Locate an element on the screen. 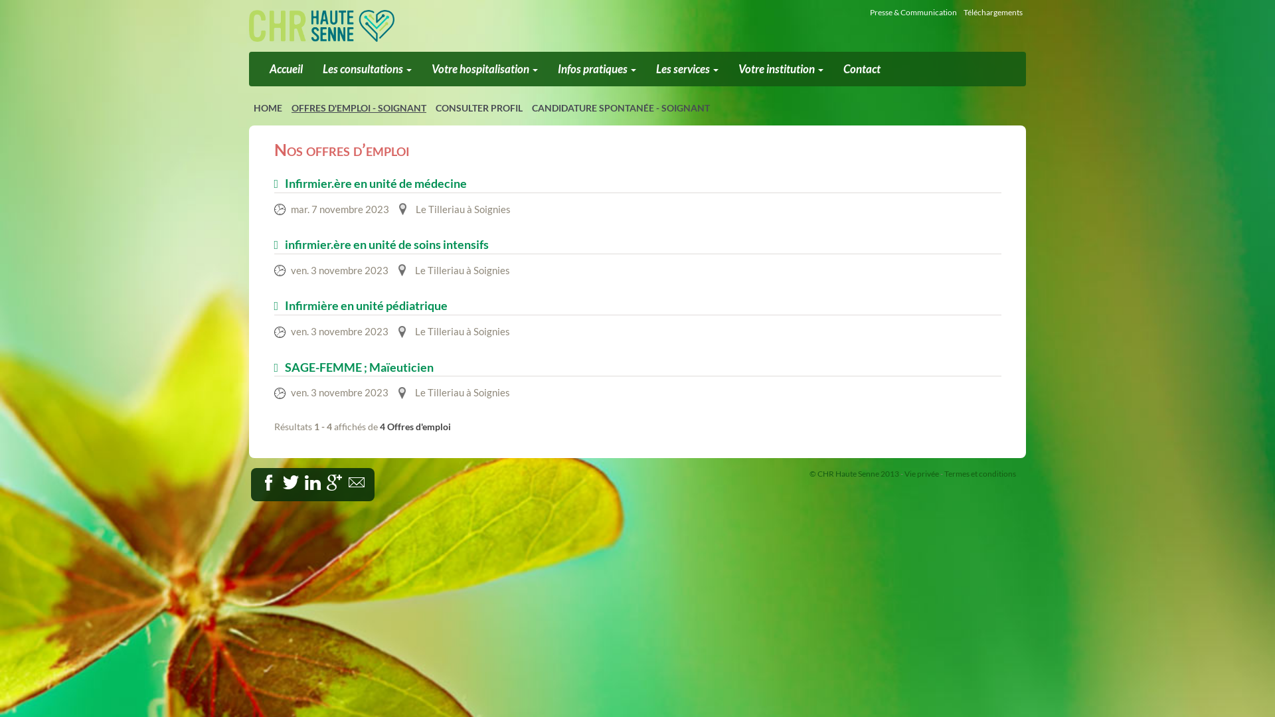 This screenshot has height=717, width=1275. 'Facebook' is located at coordinates (268, 482).